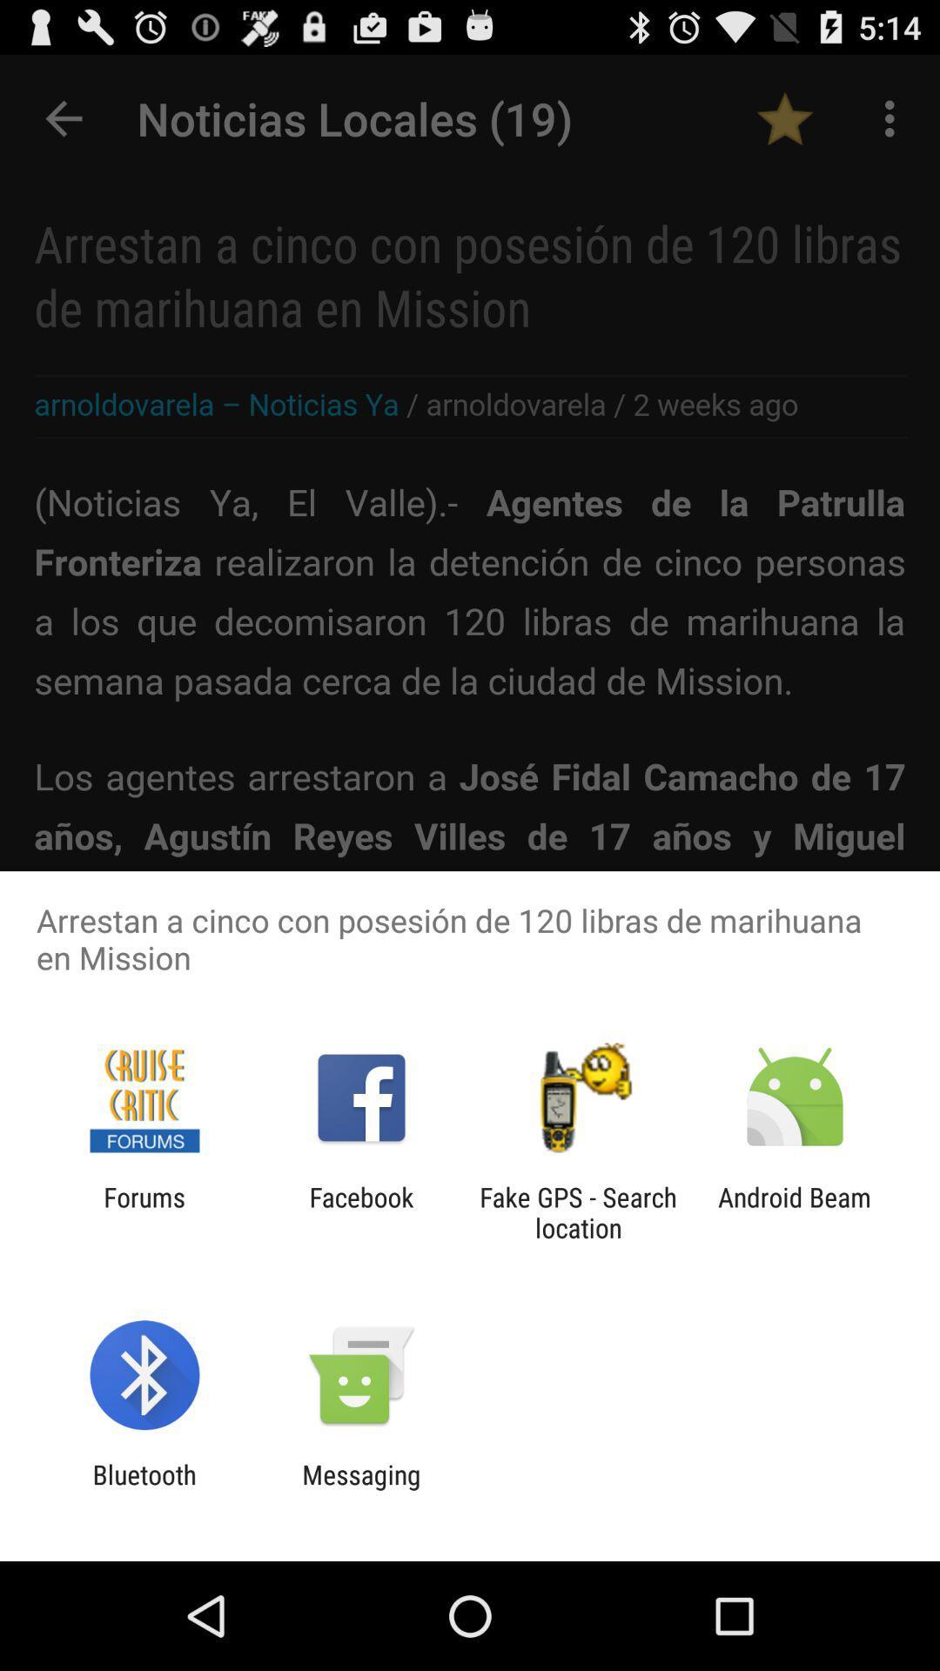  What do you see at coordinates (795, 1211) in the screenshot?
I see `app next to fake gps search app` at bounding box center [795, 1211].